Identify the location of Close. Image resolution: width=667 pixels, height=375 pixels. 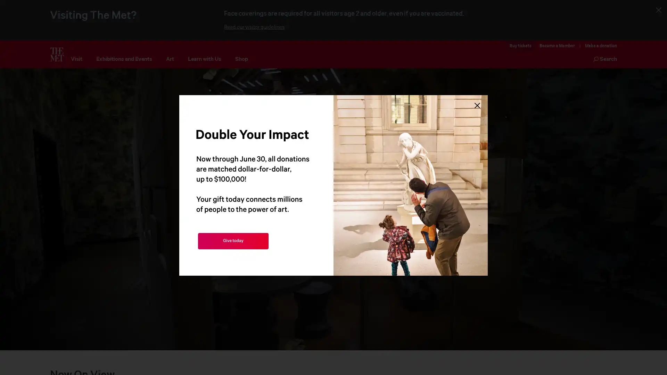
(658, 8).